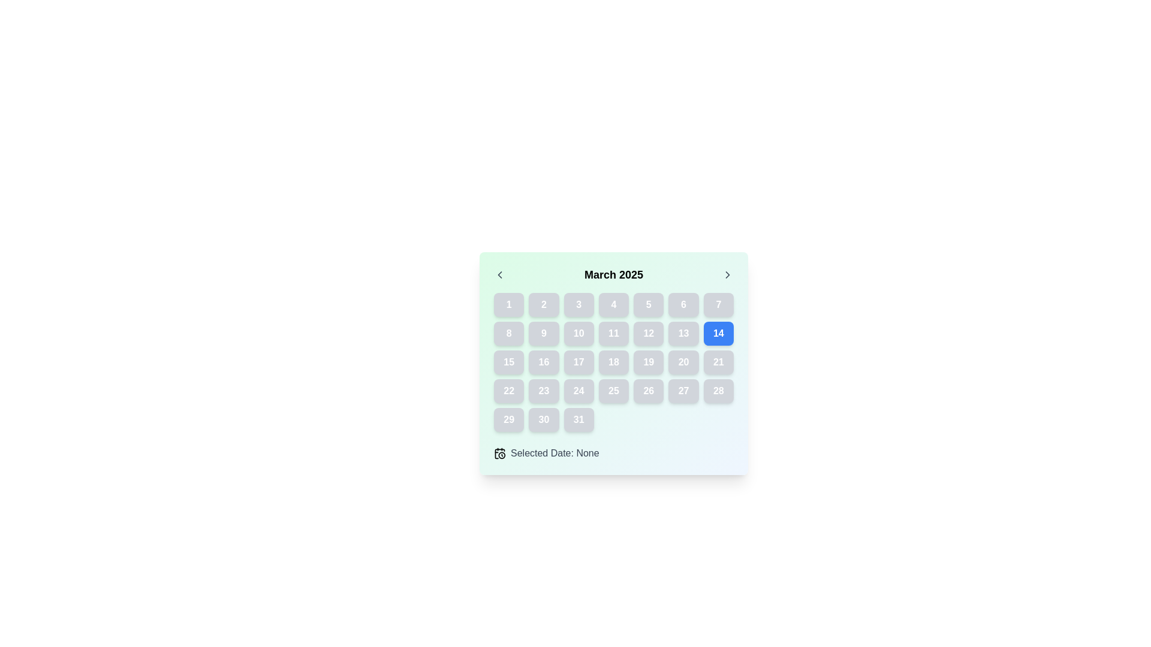 The height and width of the screenshot is (647, 1151). What do you see at coordinates (543, 391) in the screenshot?
I see `the rounded rectangular button with a gray background and white '23' text` at bounding box center [543, 391].